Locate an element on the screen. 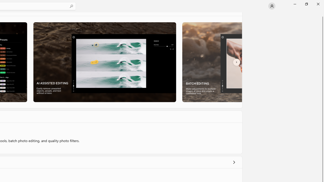 This screenshot has height=182, width=324. 'User profile' is located at coordinates (271, 6).